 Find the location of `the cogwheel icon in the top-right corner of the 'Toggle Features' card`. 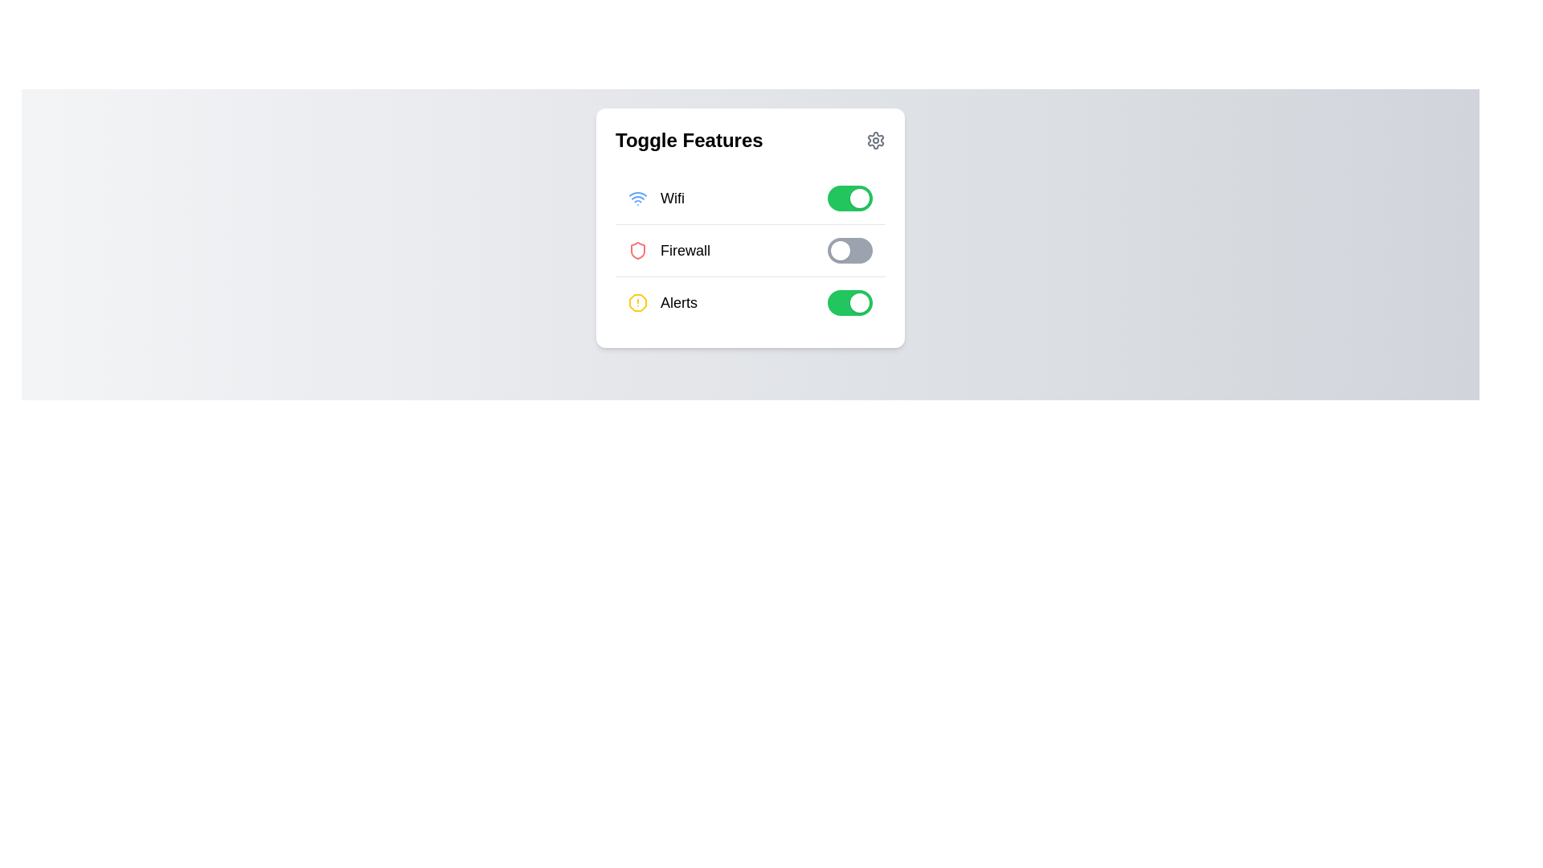

the cogwheel icon in the top-right corner of the 'Toggle Features' card is located at coordinates (874, 139).